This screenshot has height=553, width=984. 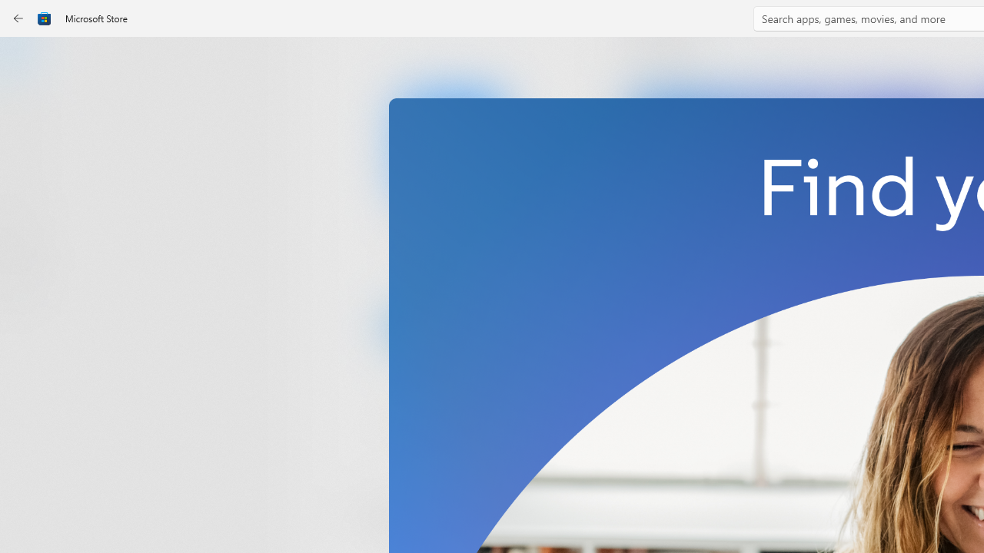 What do you see at coordinates (18, 18) in the screenshot?
I see `'Back'` at bounding box center [18, 18].